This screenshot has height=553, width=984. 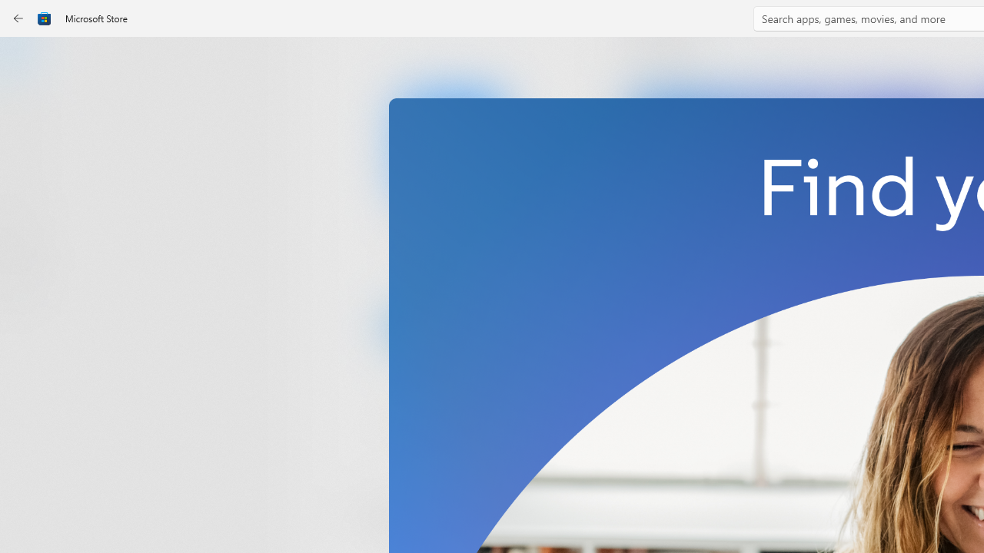 What do you see at coordinates (18, 18) in the screenshot?
I see `'Back'` at bounding box center [18, 18].